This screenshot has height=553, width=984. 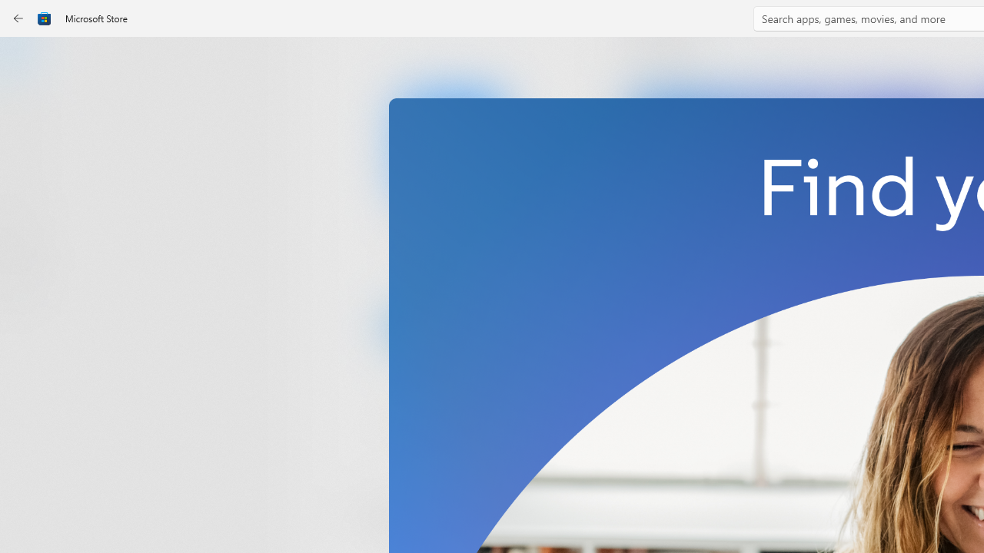 What do you see at coordinates (18, 18) in the screenshot?
I see `'Back'` at bounding box center [18, 18].